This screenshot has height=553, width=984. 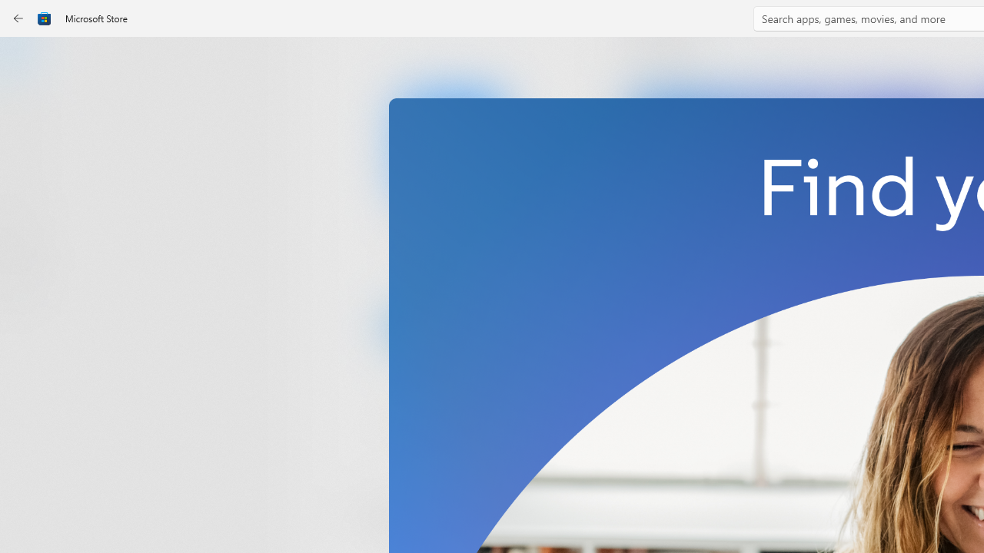 What do you see at coordinates (18, 18) in the screenshot?
I see `'Back'` at bounding box center [18, 18].